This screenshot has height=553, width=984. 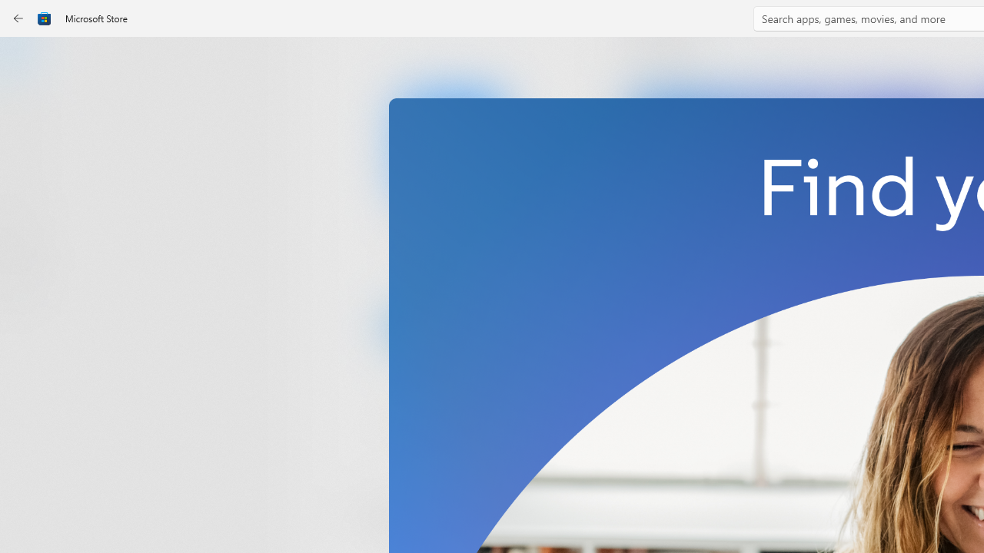 What do you see at coordinates (18, 18) in the screenshot?
I see `'Back'` at bounding box center [18, 18].